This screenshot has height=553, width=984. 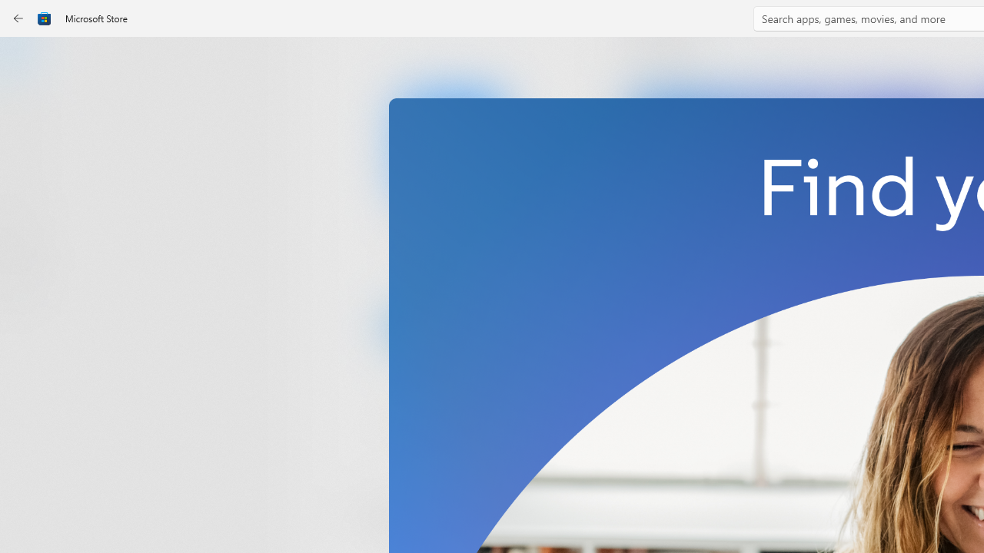 What do you see at coordinates (18, 18) in the screenshot?
I see `'Back'` at bounding box center [18, 18].